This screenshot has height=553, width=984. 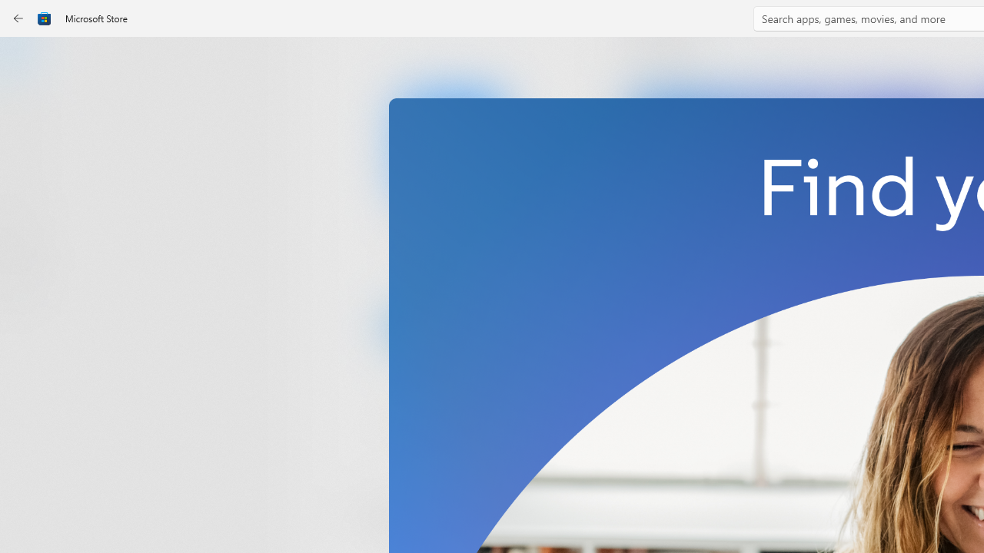 What do you see at coordinates (18, 18) in the screenshot?
I see `'Back'` at bounding box center [18, 18].